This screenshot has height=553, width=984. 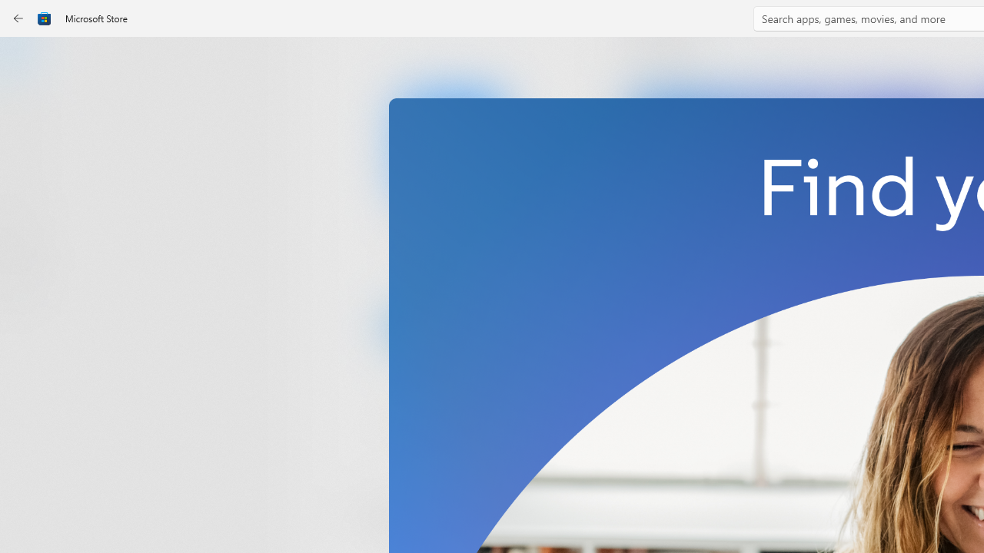 What do you see at coordinates (18, 18) in the screenshot?
I see `'Back'` at bounding box center [18, 18].